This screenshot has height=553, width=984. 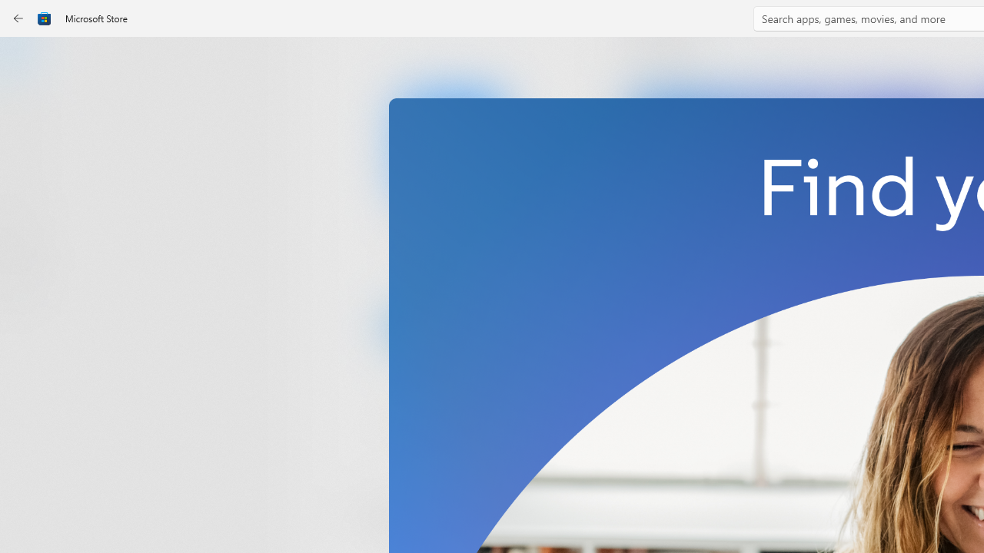 What do you see at coordinates (18, 18) in the screenshot?
I see `'Back'` at bounding box center [18, 18].